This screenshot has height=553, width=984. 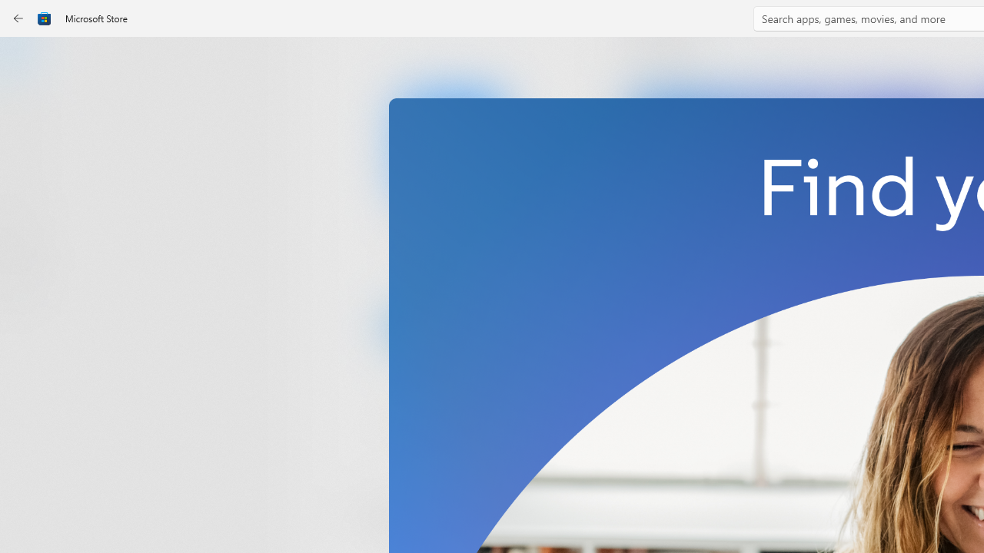 What do you see at coordinates (18, 18) in the screenshot?
I see `'Back'` at bounding box center [18, 18].